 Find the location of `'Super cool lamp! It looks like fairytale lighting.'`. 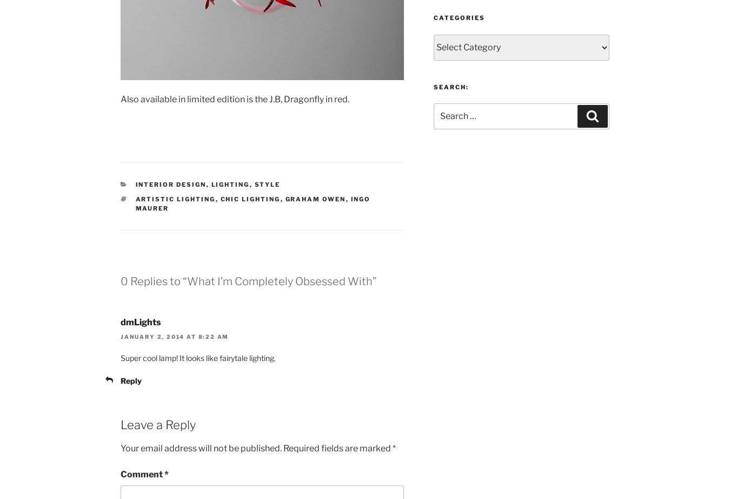

'Super cool lamp! It looks like fairytale lighting.' is located at coordinates (198, 357).